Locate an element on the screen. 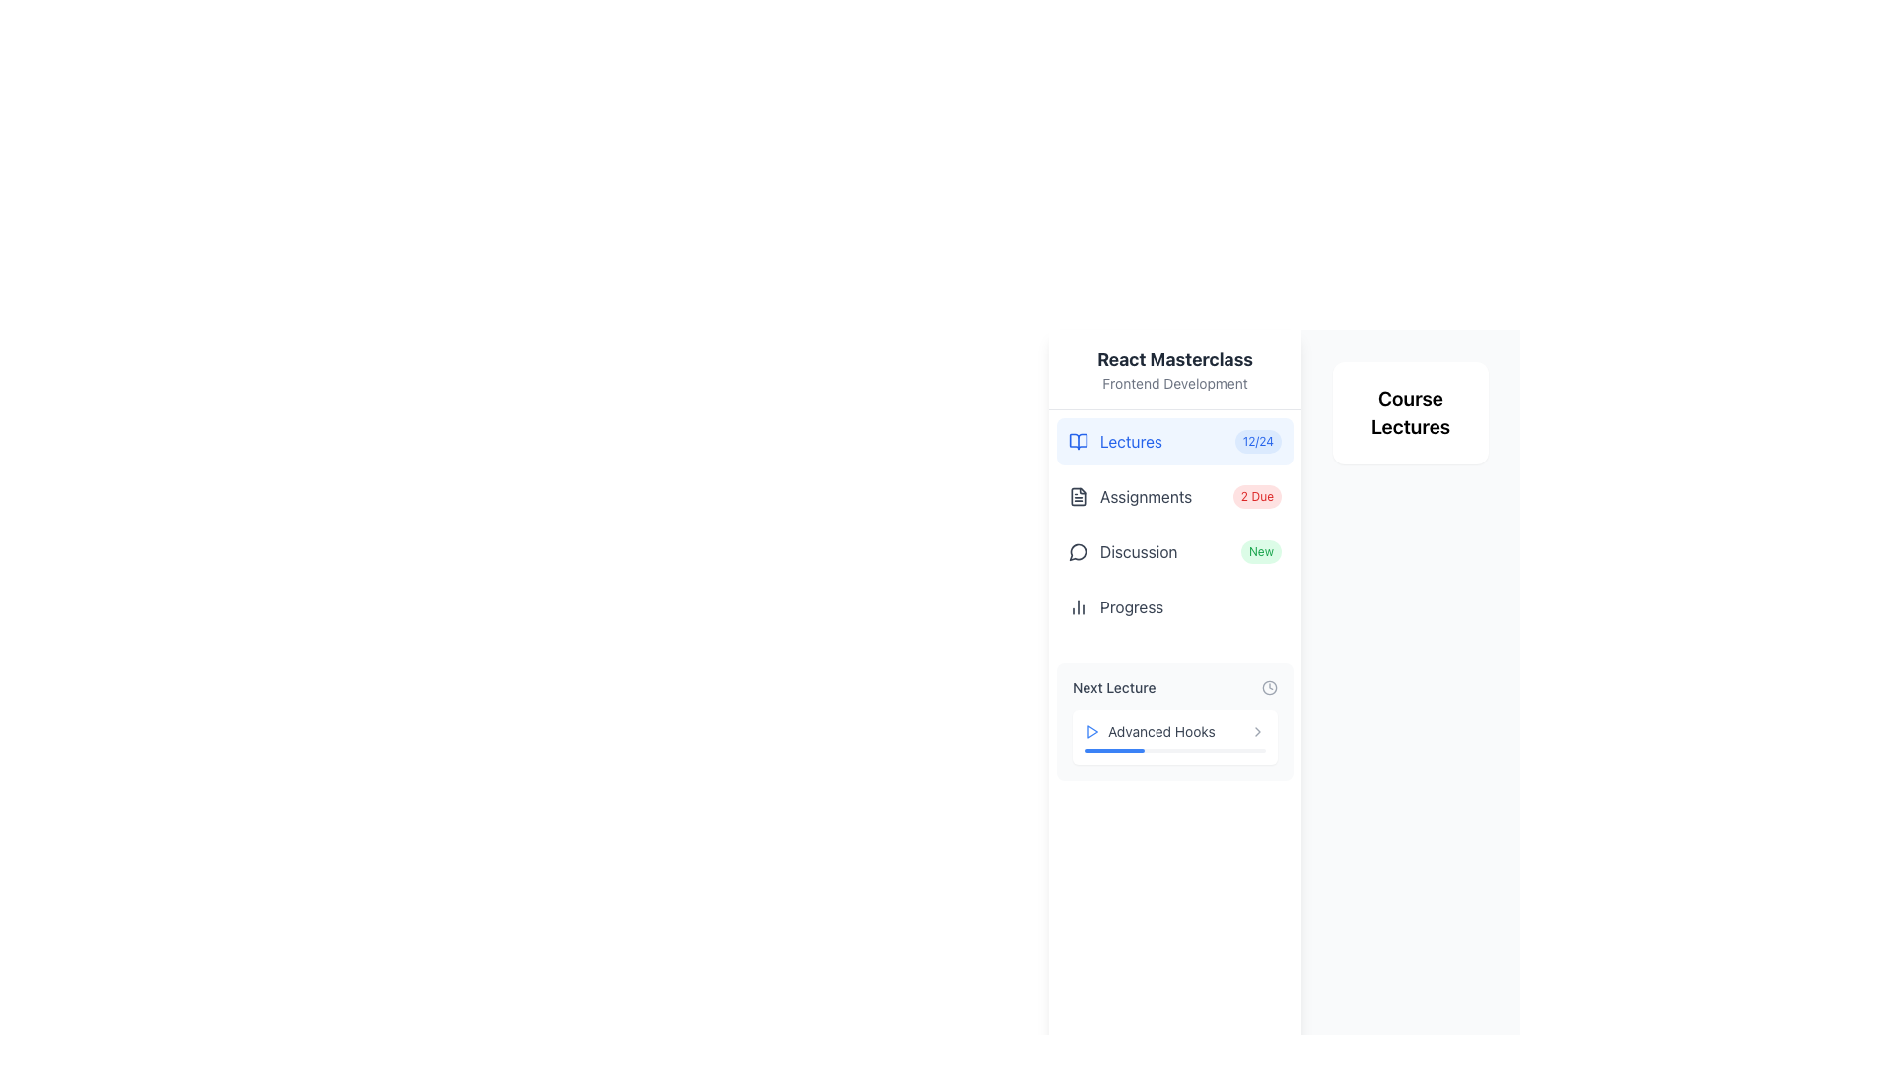  the rectangular icon with rounded corners in the sidebar, which represents a document or file is located at coordinates (1078, 494).